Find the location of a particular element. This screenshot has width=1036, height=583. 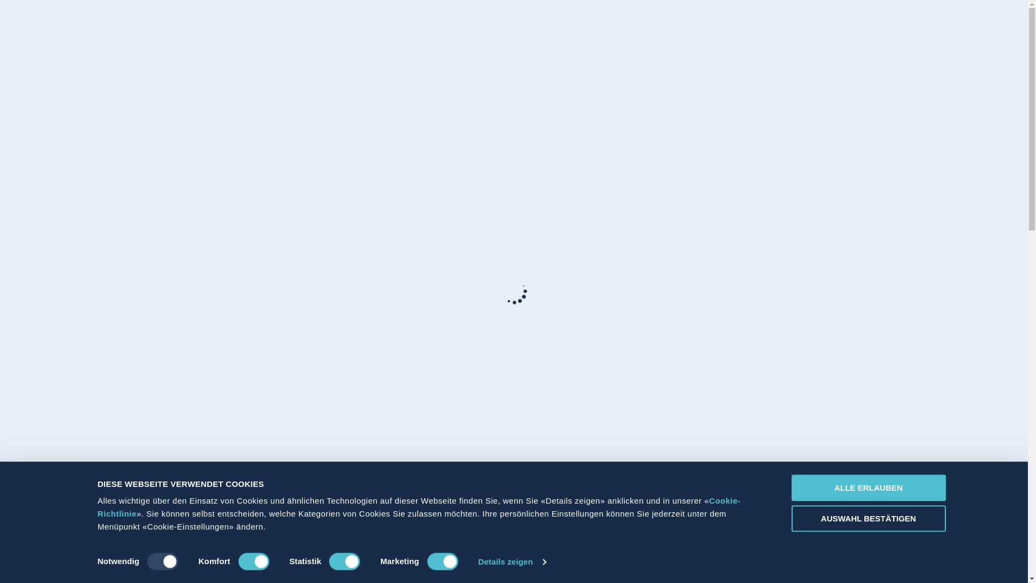

'ALLE ERLAUBEN' is located at coordinates (868, 487).